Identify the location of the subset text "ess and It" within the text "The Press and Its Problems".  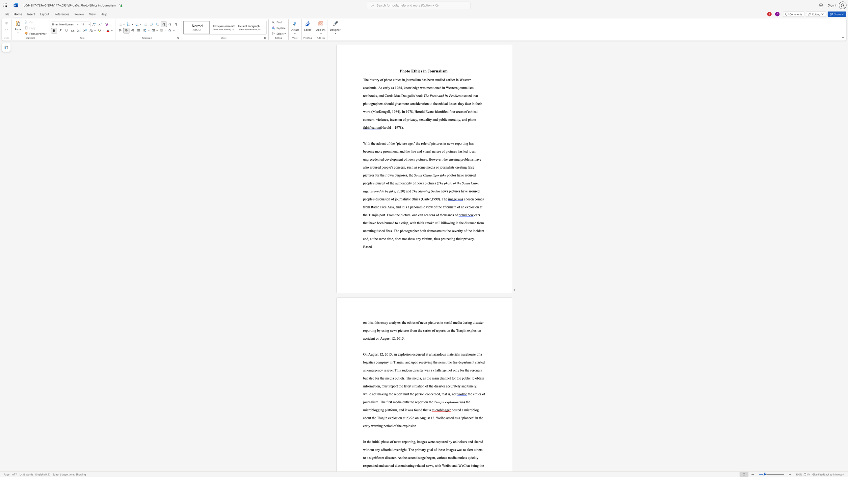
(433, 95).